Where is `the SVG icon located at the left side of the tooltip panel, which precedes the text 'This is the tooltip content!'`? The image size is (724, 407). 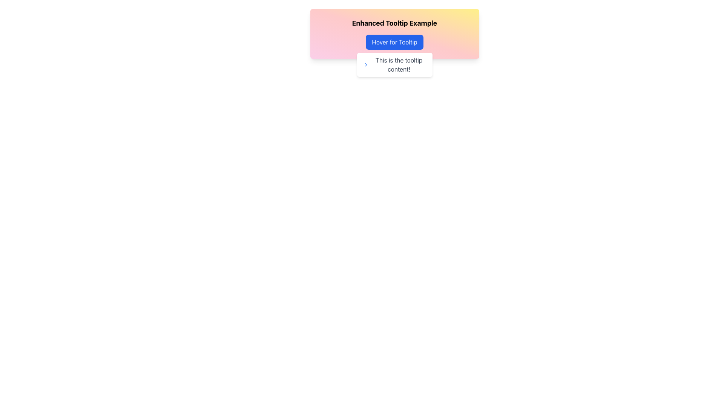
the SVG icon located at the left side of the tooltip panel, which precedes the text 'This is the tooltip content!' is located at coordinates (366, 64).